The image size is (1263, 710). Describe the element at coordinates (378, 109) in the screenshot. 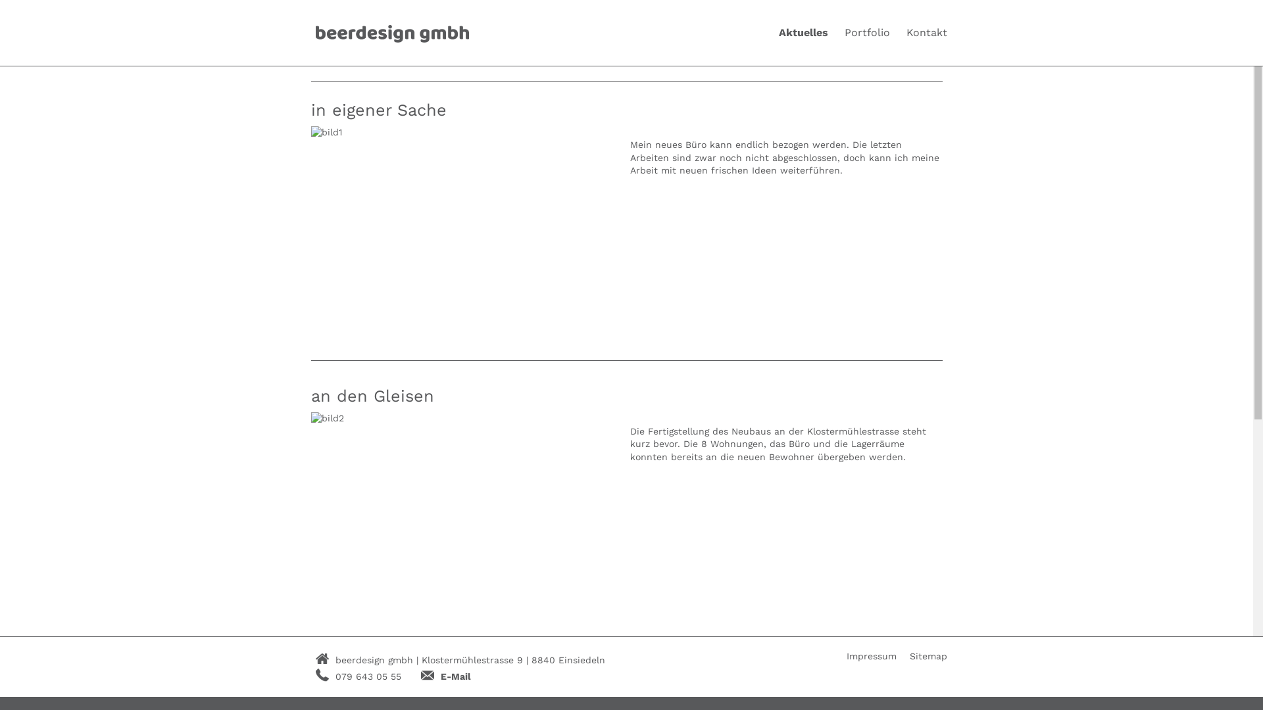

I see `'in eigener Sache'` at that location.